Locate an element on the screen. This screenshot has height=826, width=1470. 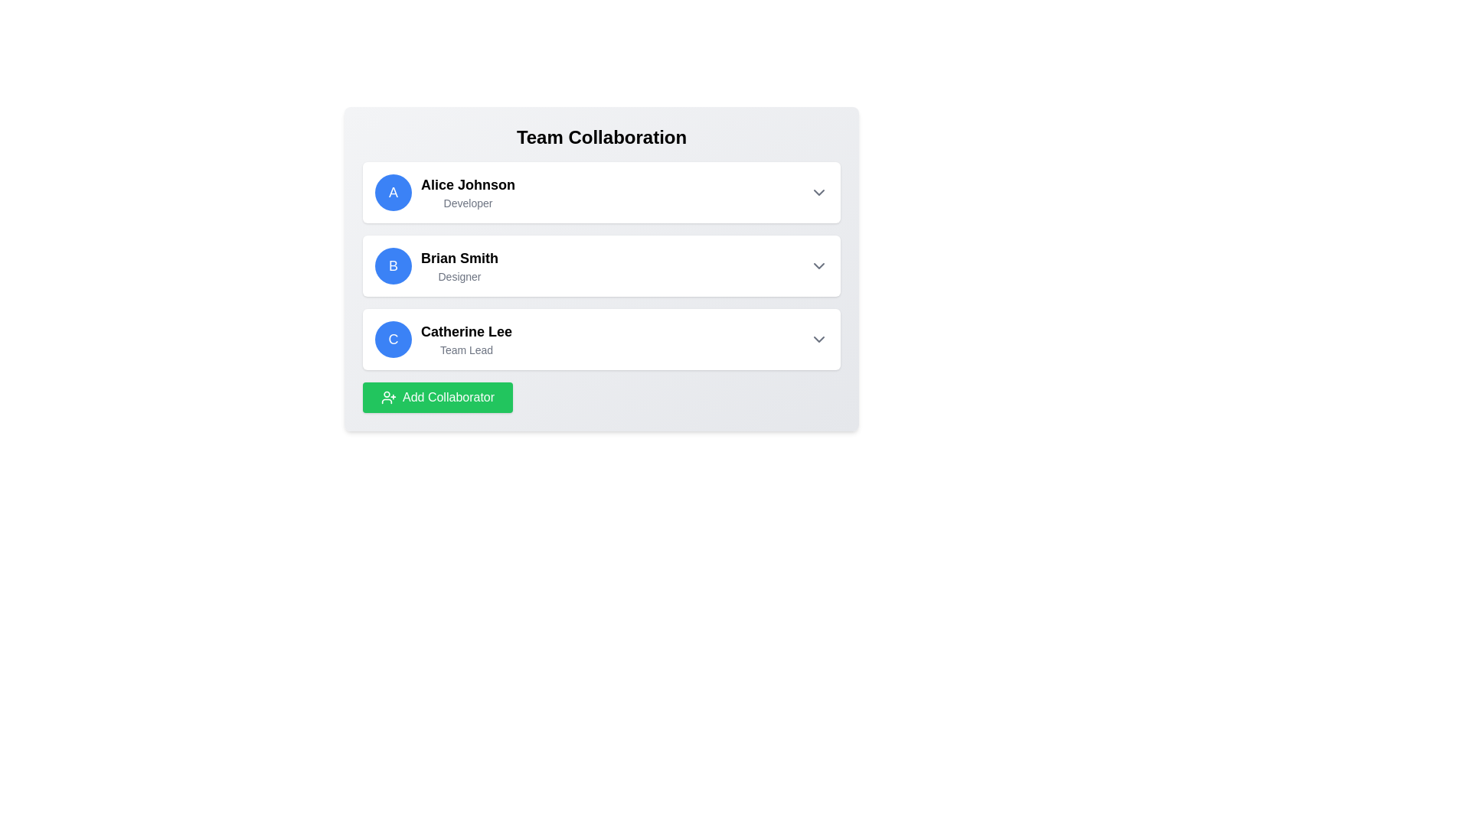
the text label displaying 'Alice Johnson', which is styled prominently and located above the role description 'Developer' in the first item of the vertical list under 'Team Collaboration' is located at coordinates (467, 184).